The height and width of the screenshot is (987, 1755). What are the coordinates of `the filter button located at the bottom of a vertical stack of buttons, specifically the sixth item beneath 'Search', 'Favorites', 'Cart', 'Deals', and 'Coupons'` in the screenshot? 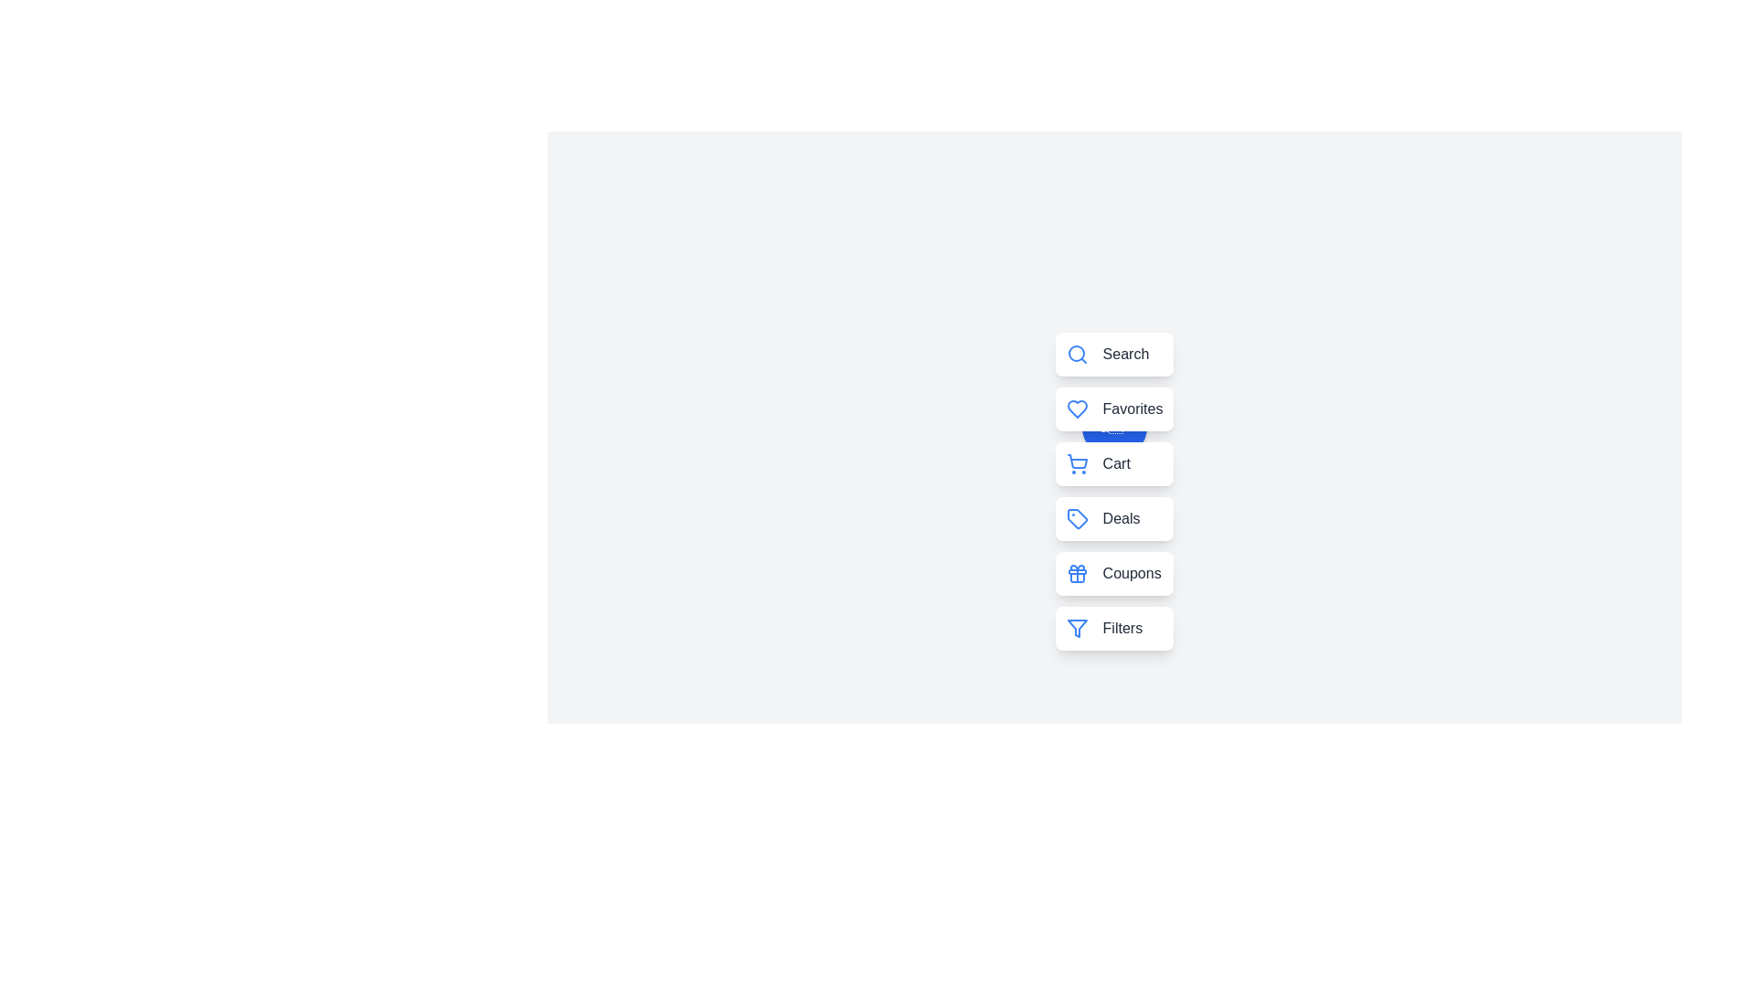 It's located at (1113, 627).